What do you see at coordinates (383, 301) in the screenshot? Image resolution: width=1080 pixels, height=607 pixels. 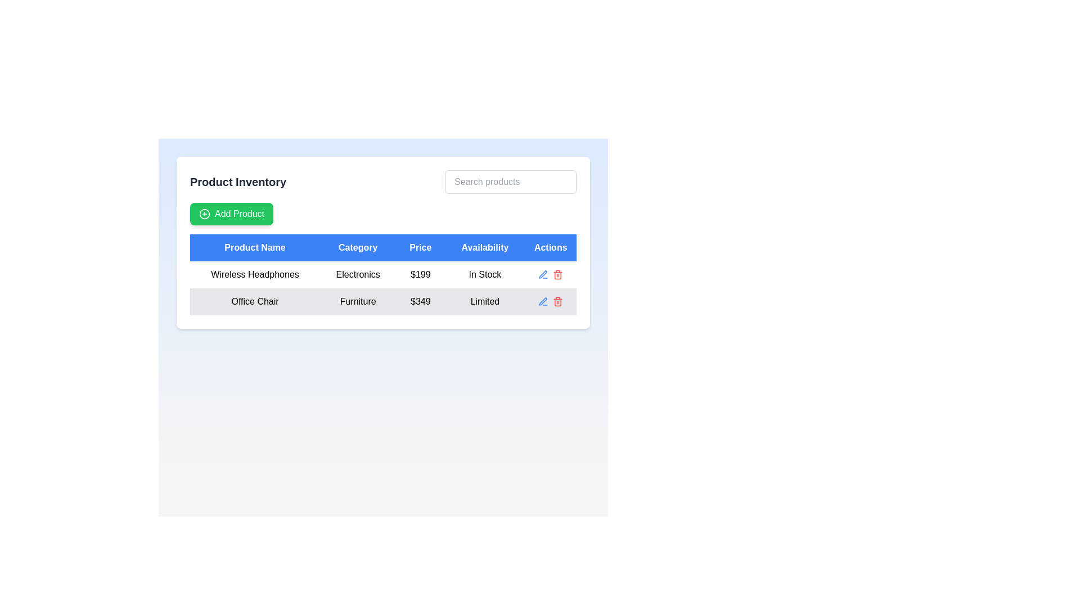 I see `the second row of the 'Product Inventory' table that displays the product 'Office Chair'` at bounding box center [383, 301].